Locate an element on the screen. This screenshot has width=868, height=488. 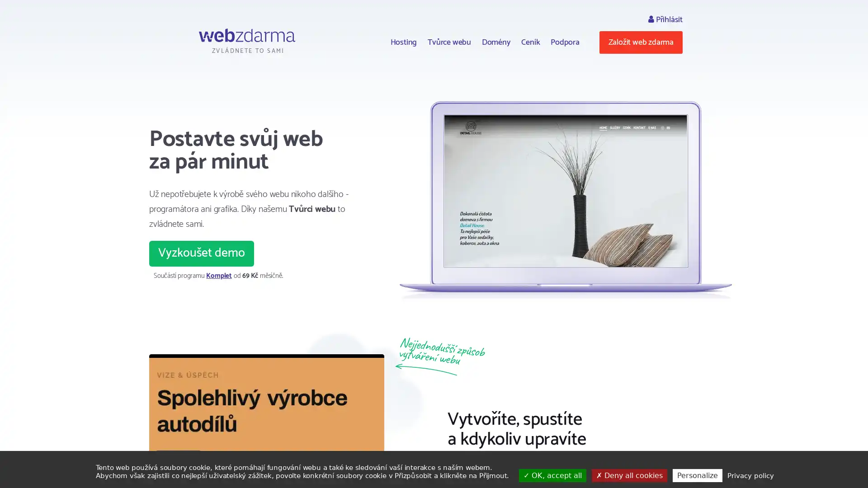
Personalize (modal window) is located at coordinates (696, 475).